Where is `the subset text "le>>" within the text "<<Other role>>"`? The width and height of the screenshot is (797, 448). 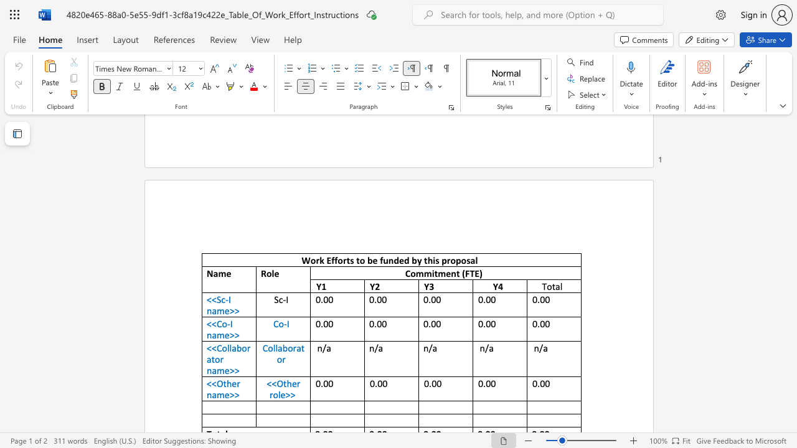
the subset text "le>>" within the text "<<Other role>>" is located at coordinates (277, 394).